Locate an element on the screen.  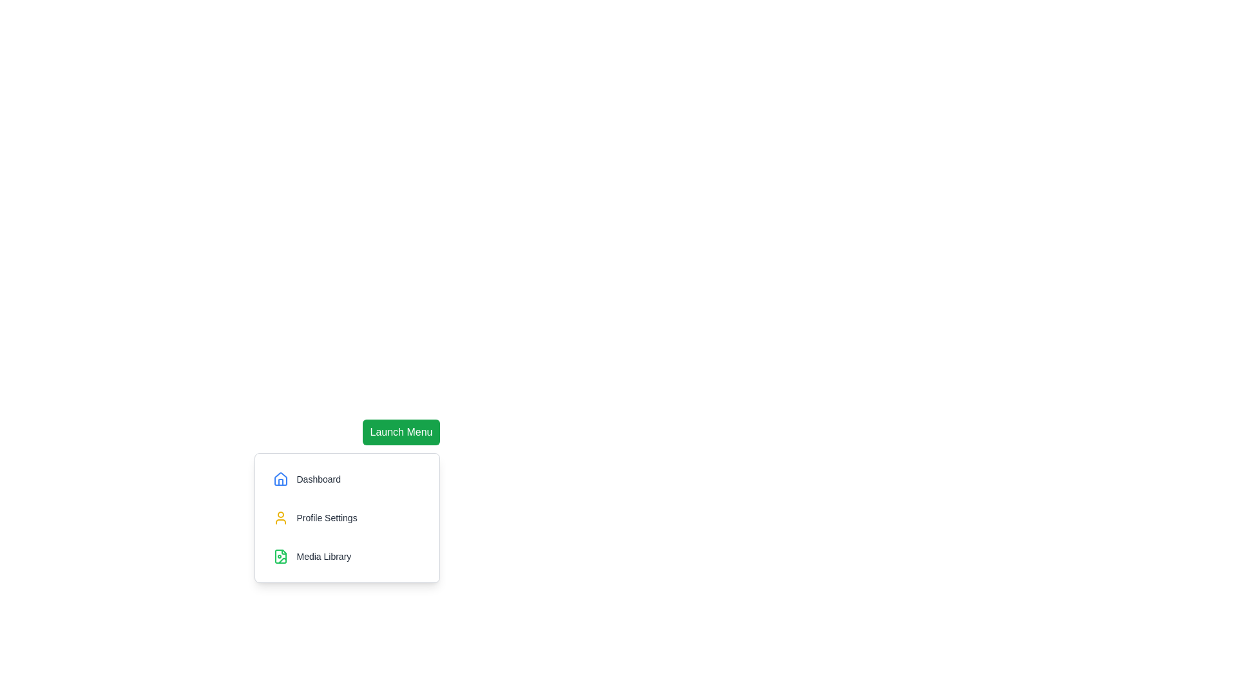
the Dropdown menu options labeled 'Dashboard', 'Profile Settings', and 'Media Library' is located at coordinates (401, 506).